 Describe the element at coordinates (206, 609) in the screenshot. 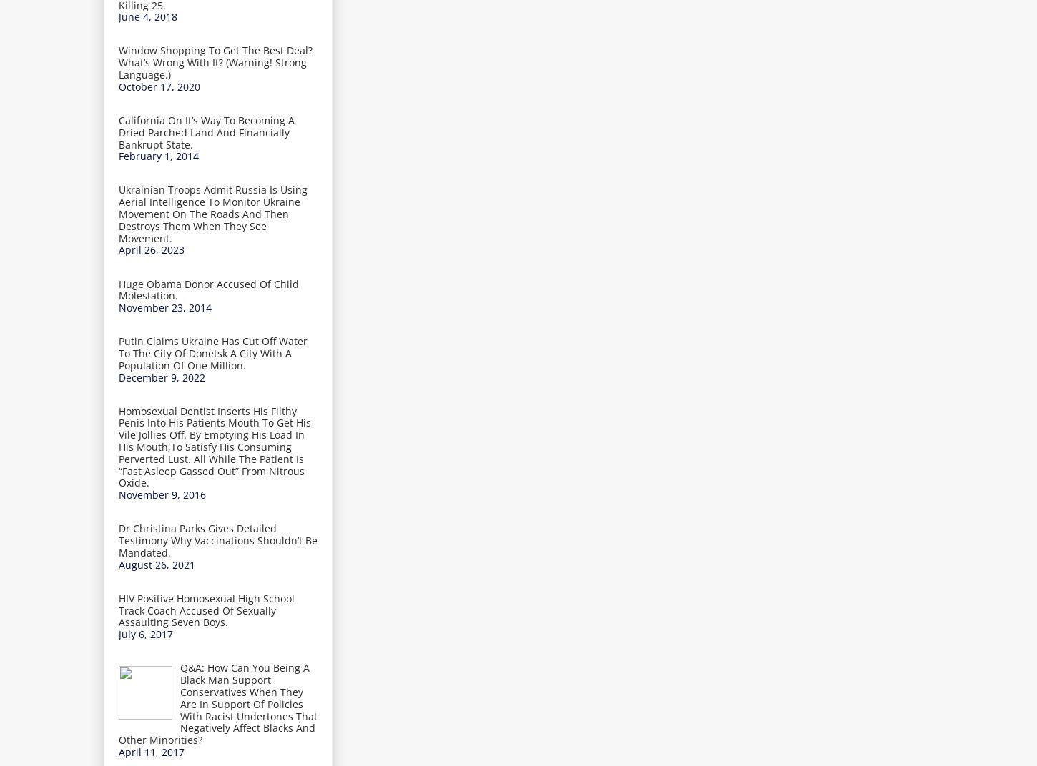

I see `'HIV Positive Homosexual High School Track Coach Accused Of Sexually Assaulting Seven Boys.'` at that location.